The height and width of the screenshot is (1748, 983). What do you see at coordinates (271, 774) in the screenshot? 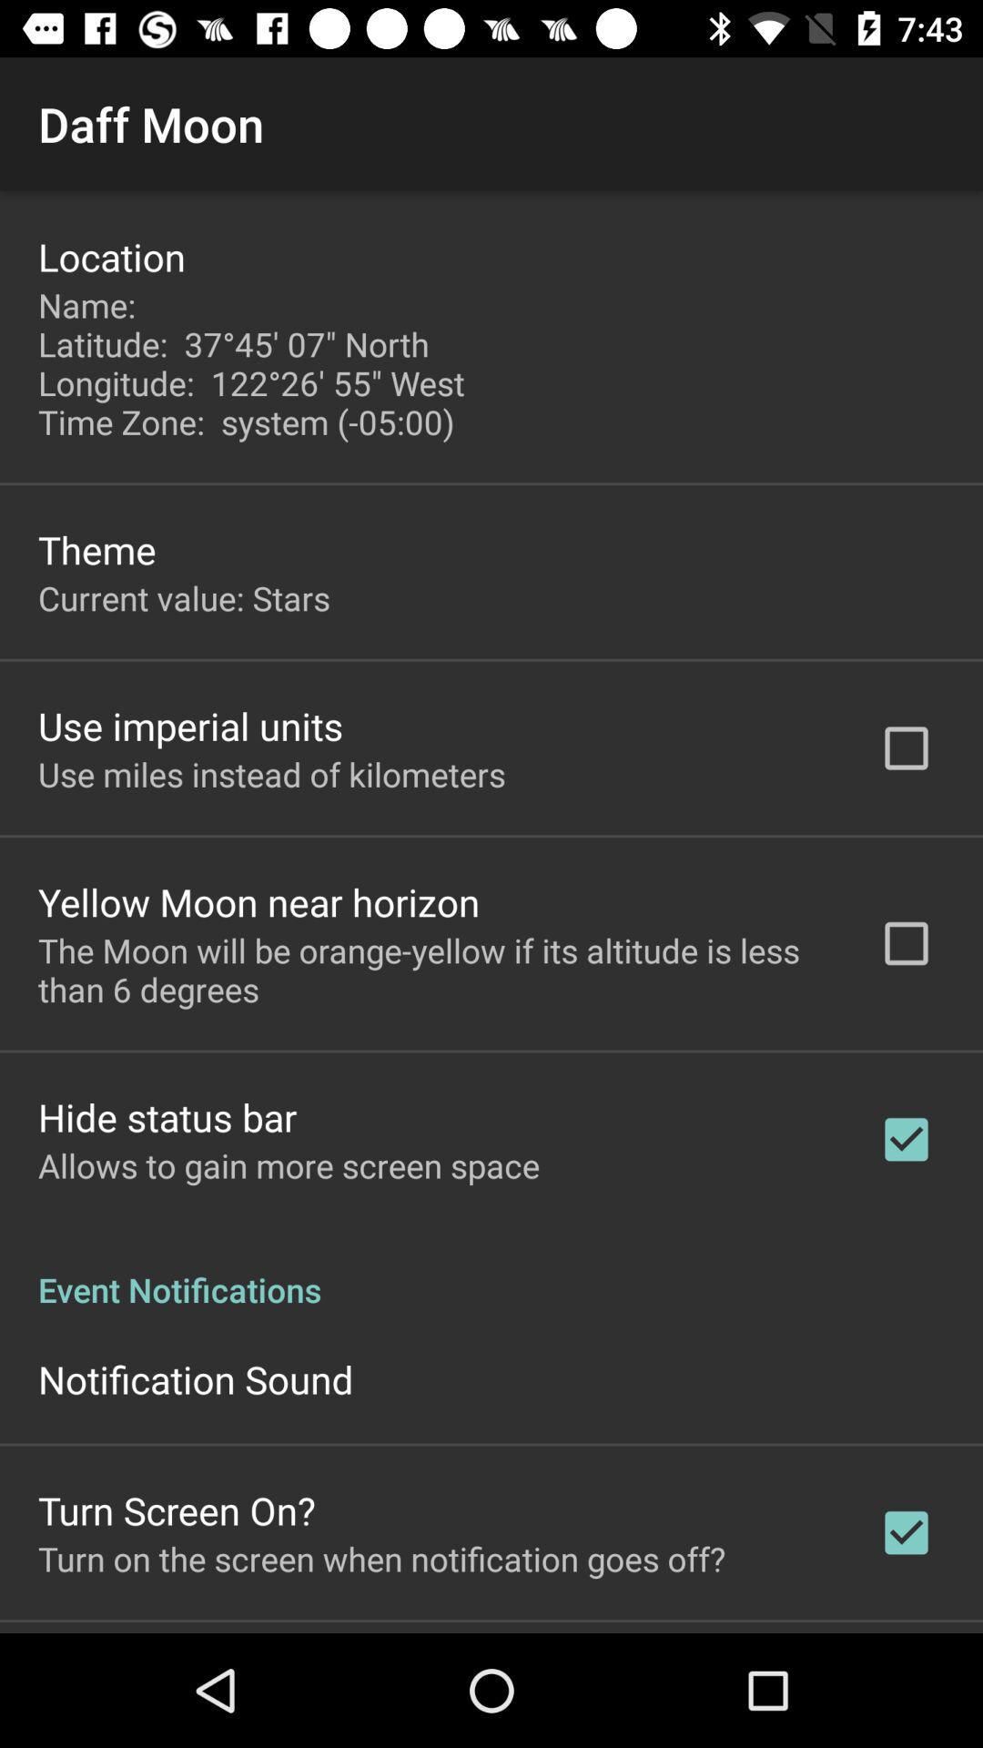
I see `use miles instead item` at bounding box center [271, 774].